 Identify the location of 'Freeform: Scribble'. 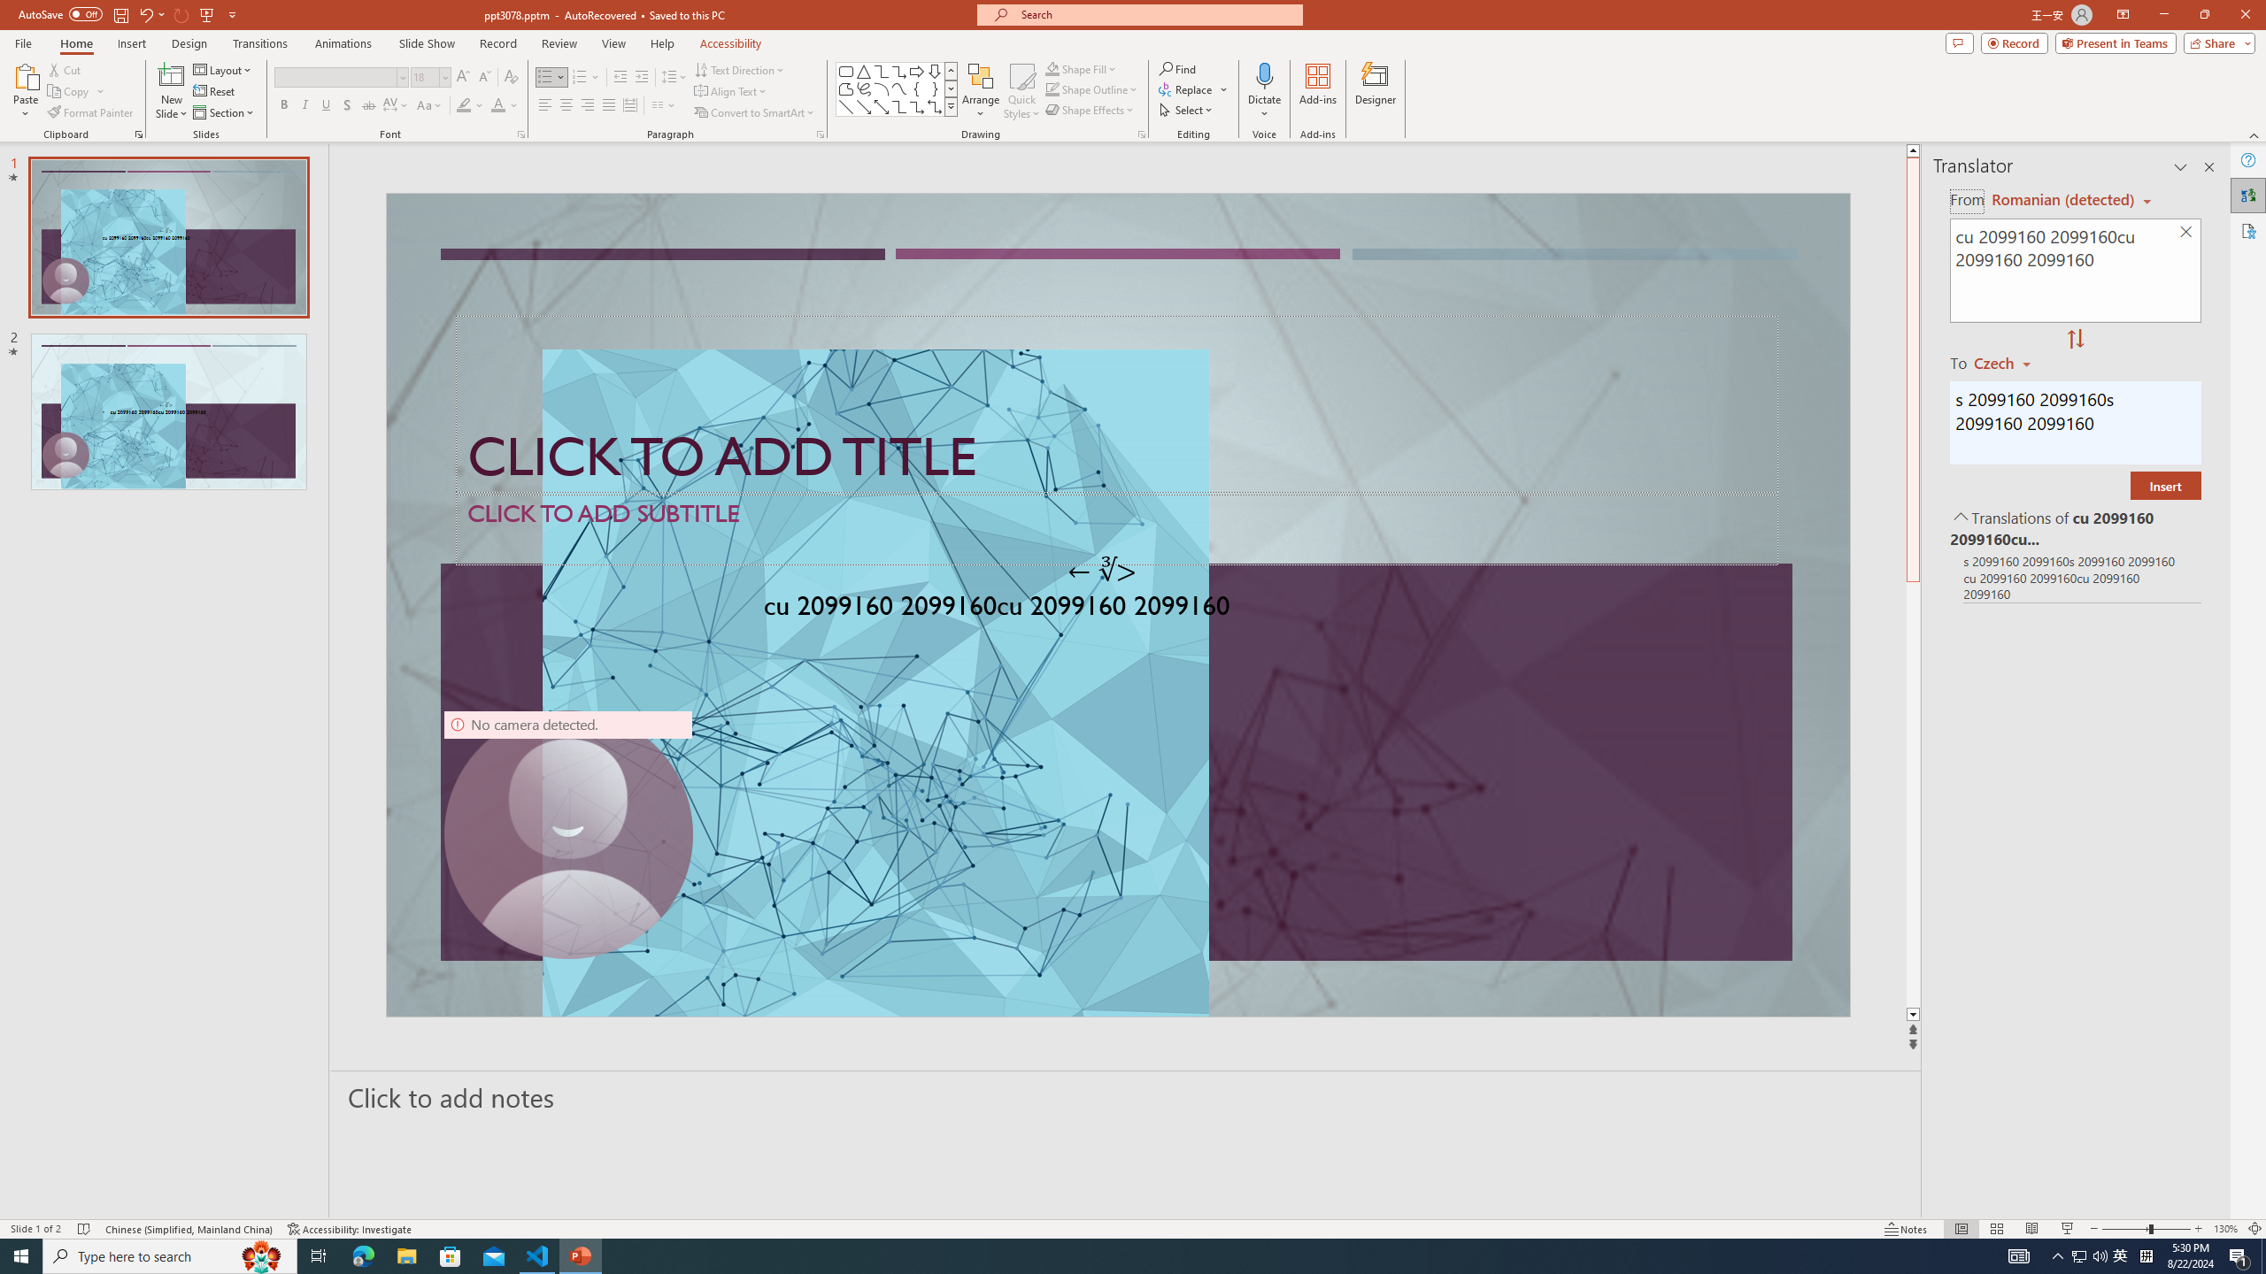
(862, 88).